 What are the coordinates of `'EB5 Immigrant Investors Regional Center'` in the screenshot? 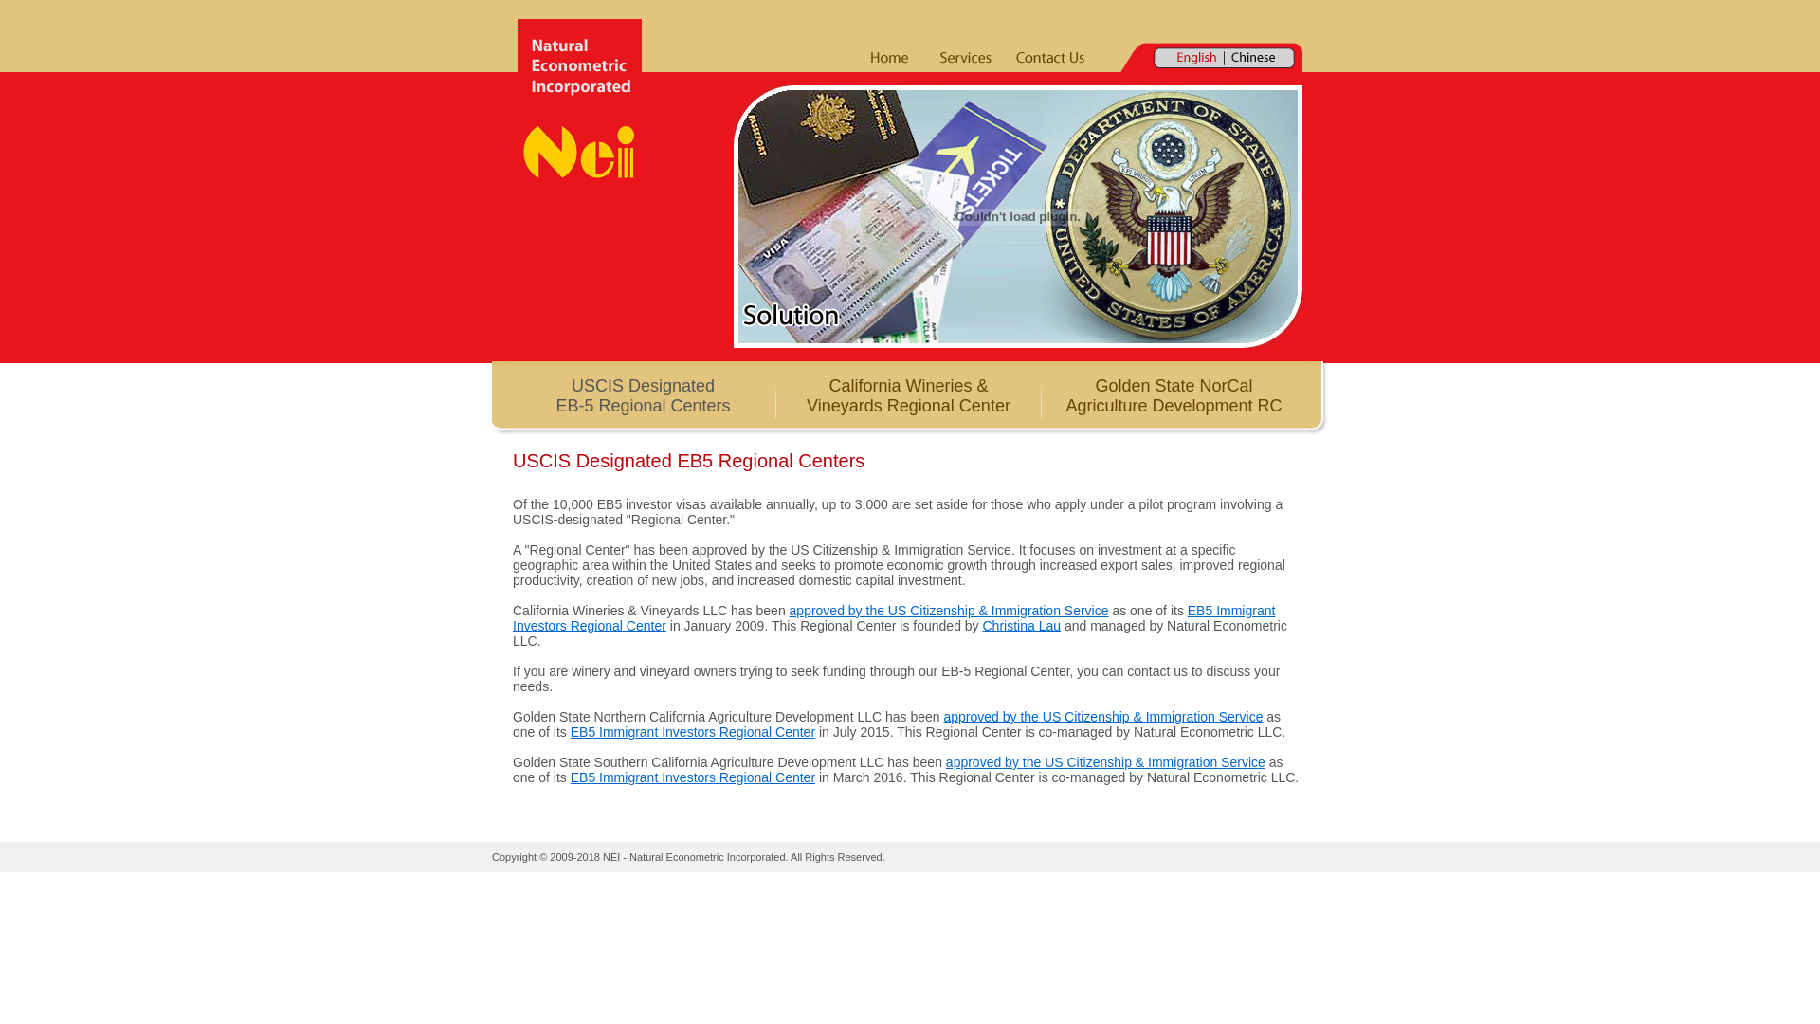 It's located at (691, 777).